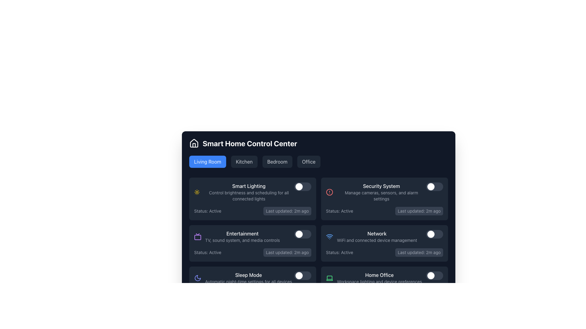 The image size is (586, 329). I want to click on the toggle switch located in the top center of the 'Smart Lighting' card to switch its state, so click(303, 186).